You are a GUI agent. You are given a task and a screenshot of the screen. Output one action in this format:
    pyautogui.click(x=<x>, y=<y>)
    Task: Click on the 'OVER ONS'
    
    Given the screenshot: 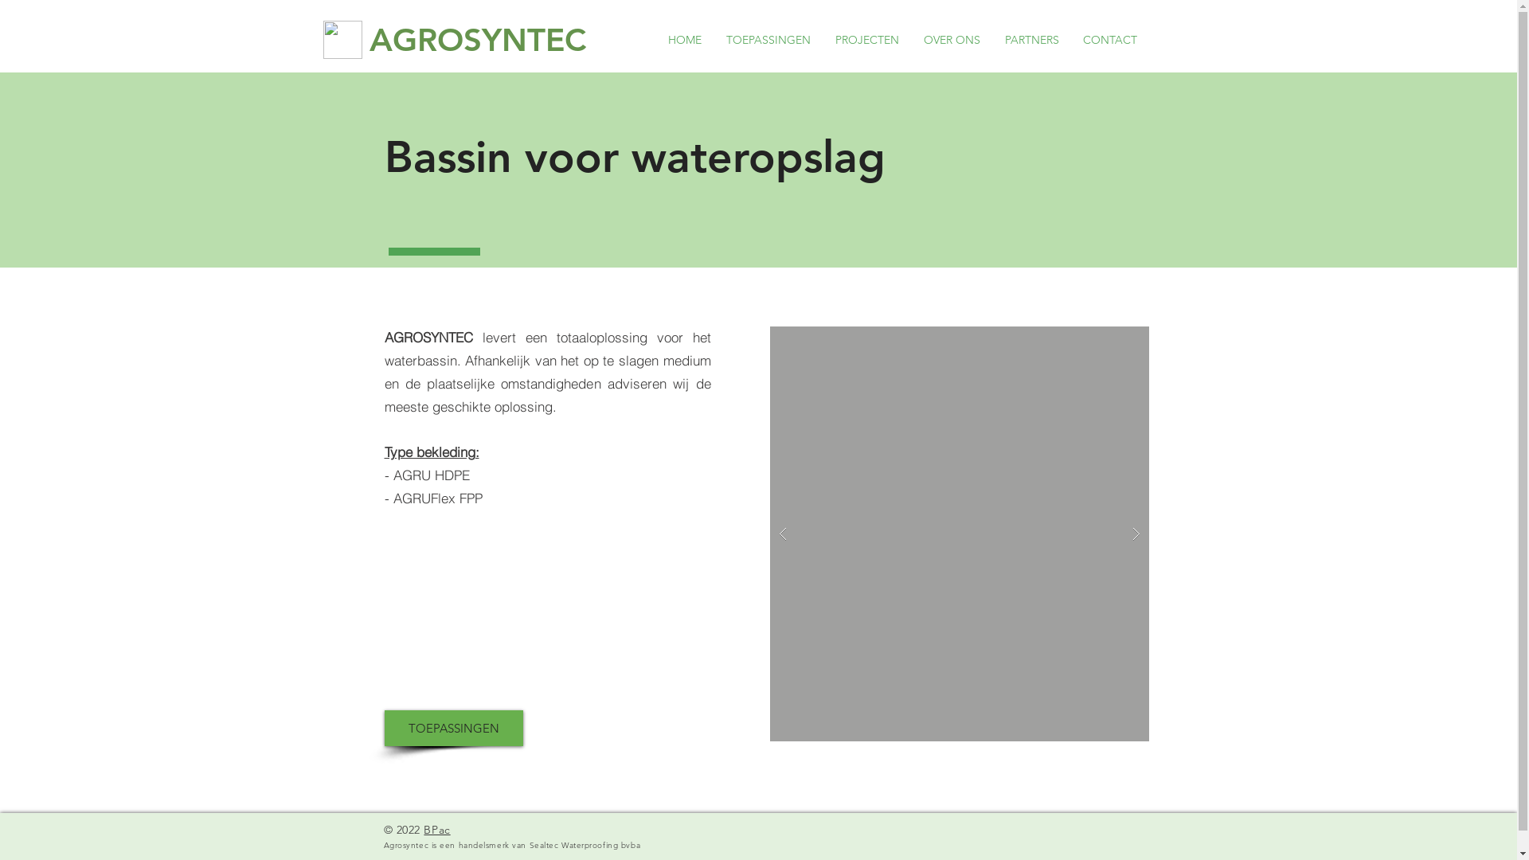 What is the action you would take?
    pyautogui.click(x=910, y=39)
    